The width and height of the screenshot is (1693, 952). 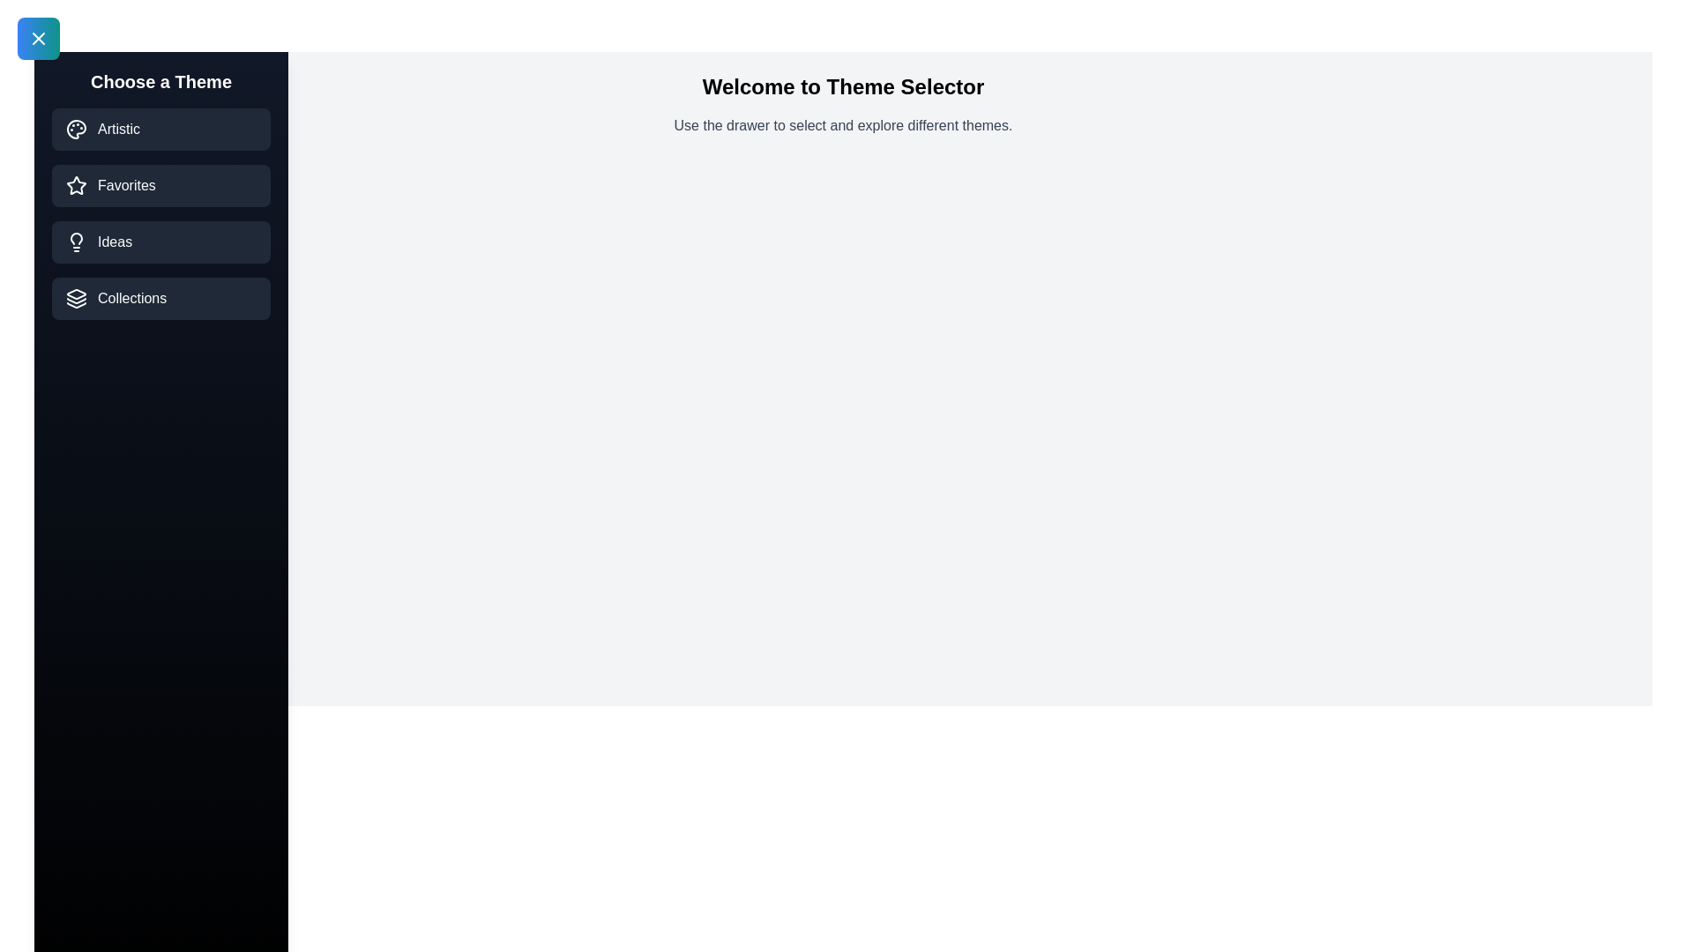 What do you see at coordinates (842, 526) in the screenshot?
I see `the main content area displaying 'Welcome to Theme Selector'` at bounding box center [842, 526].